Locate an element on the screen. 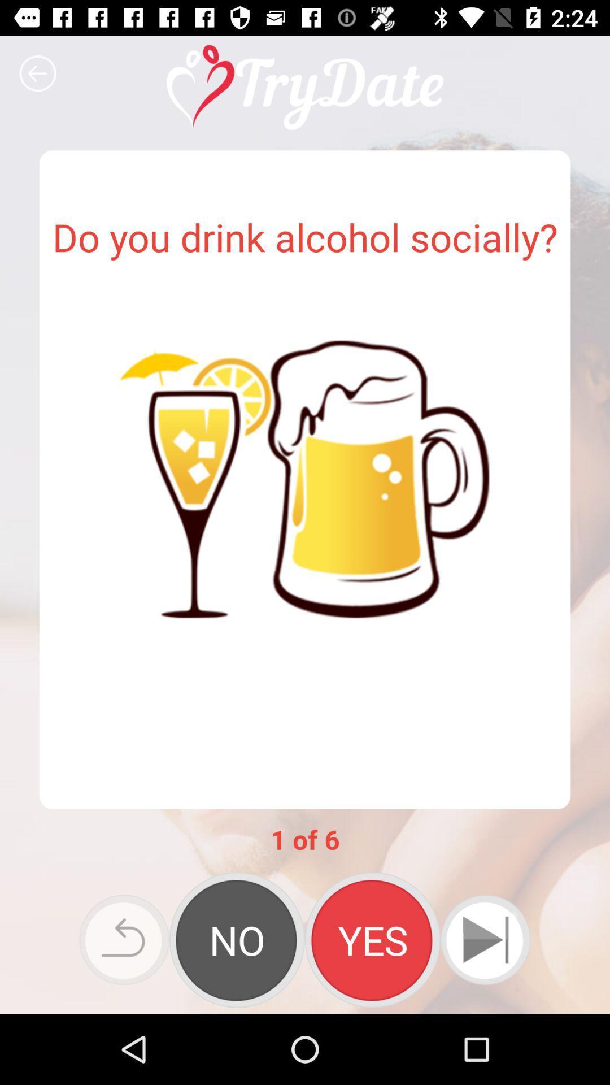 The height and width of the screenshot is (1085, 610). icon below 1 of 6 app is located at coordinates (124, 940).